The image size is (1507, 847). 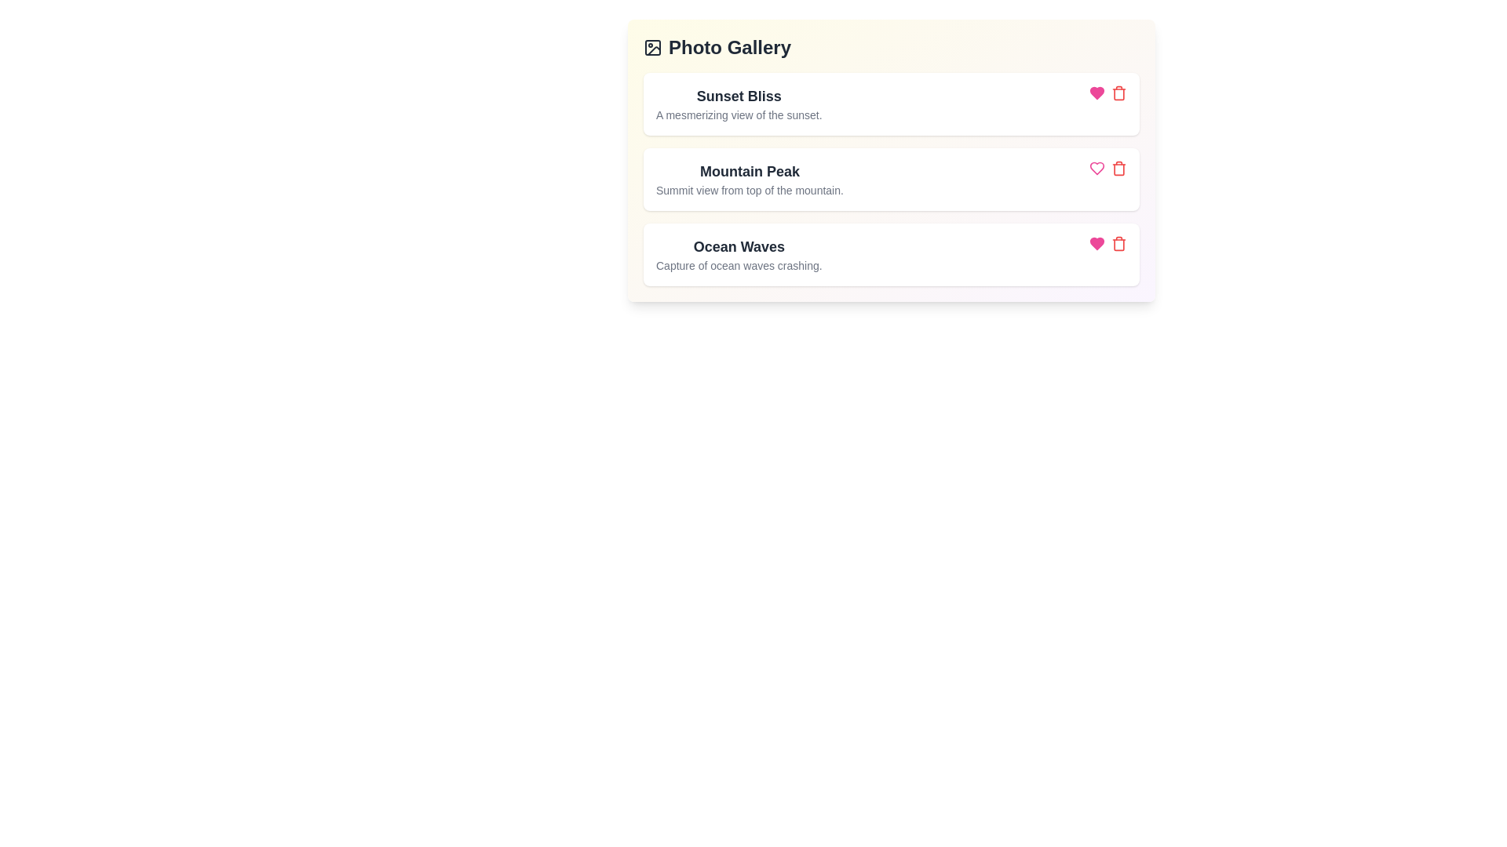 I want to click on the delete button corresponding to the photo titled Ocean Waves, so click(x=1118, y=244).